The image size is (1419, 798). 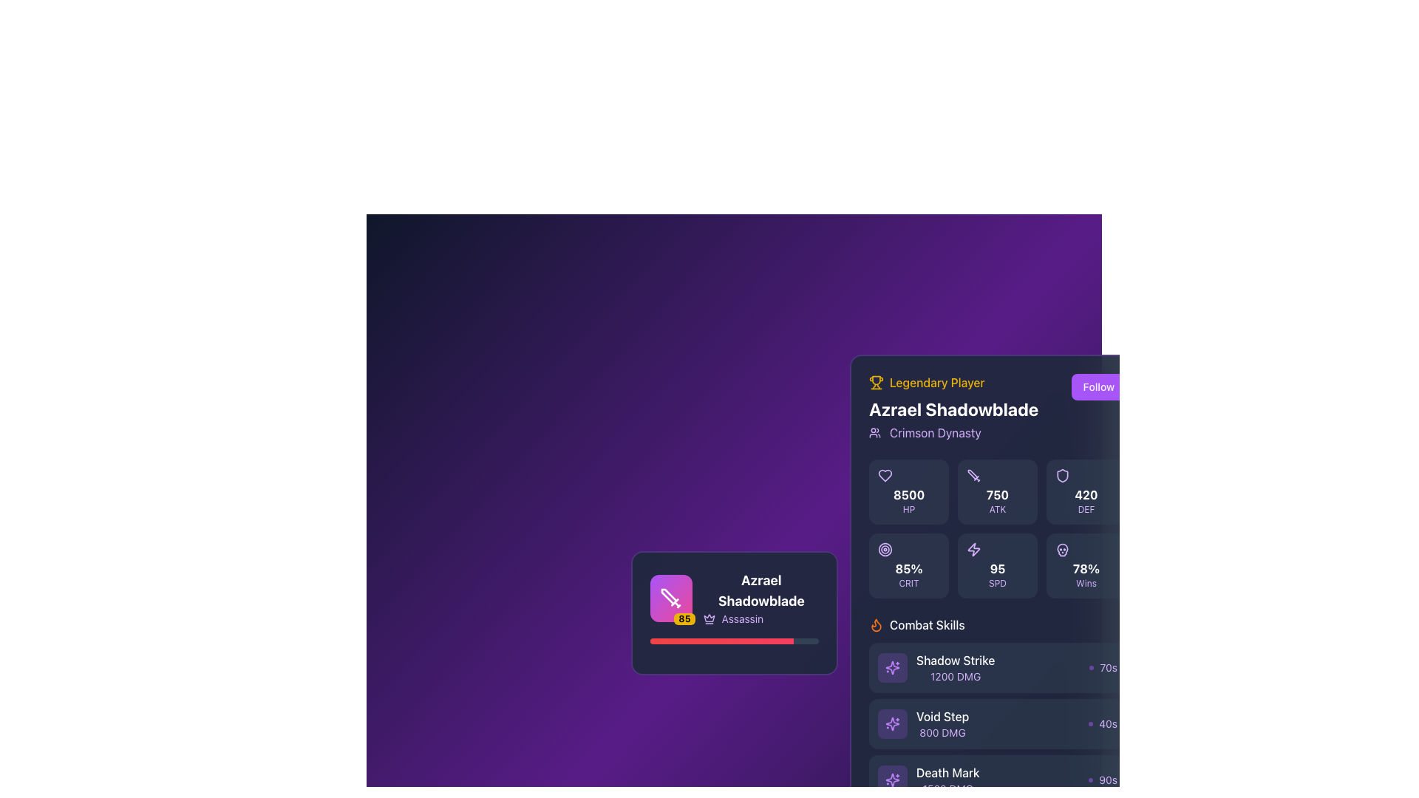 I want to click on text displayed in the 'Shadow Strike' label, which is in white font and part of the skill description in the Combat Skills section, so click(x=955, y=660).